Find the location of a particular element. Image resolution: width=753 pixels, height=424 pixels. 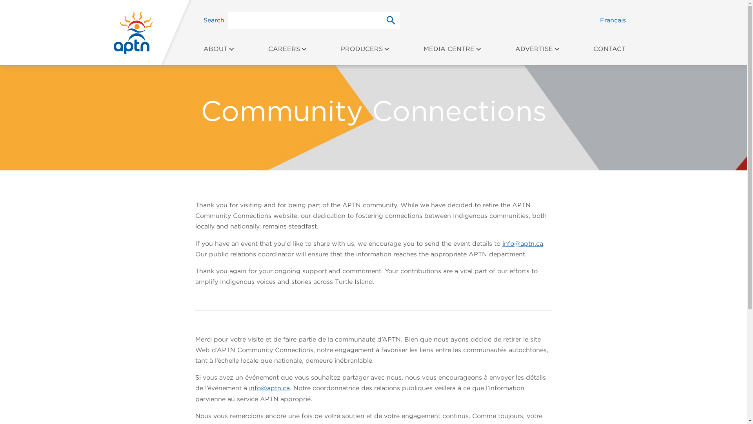

'PRODUCERS' is located at coordinates (365, 53).